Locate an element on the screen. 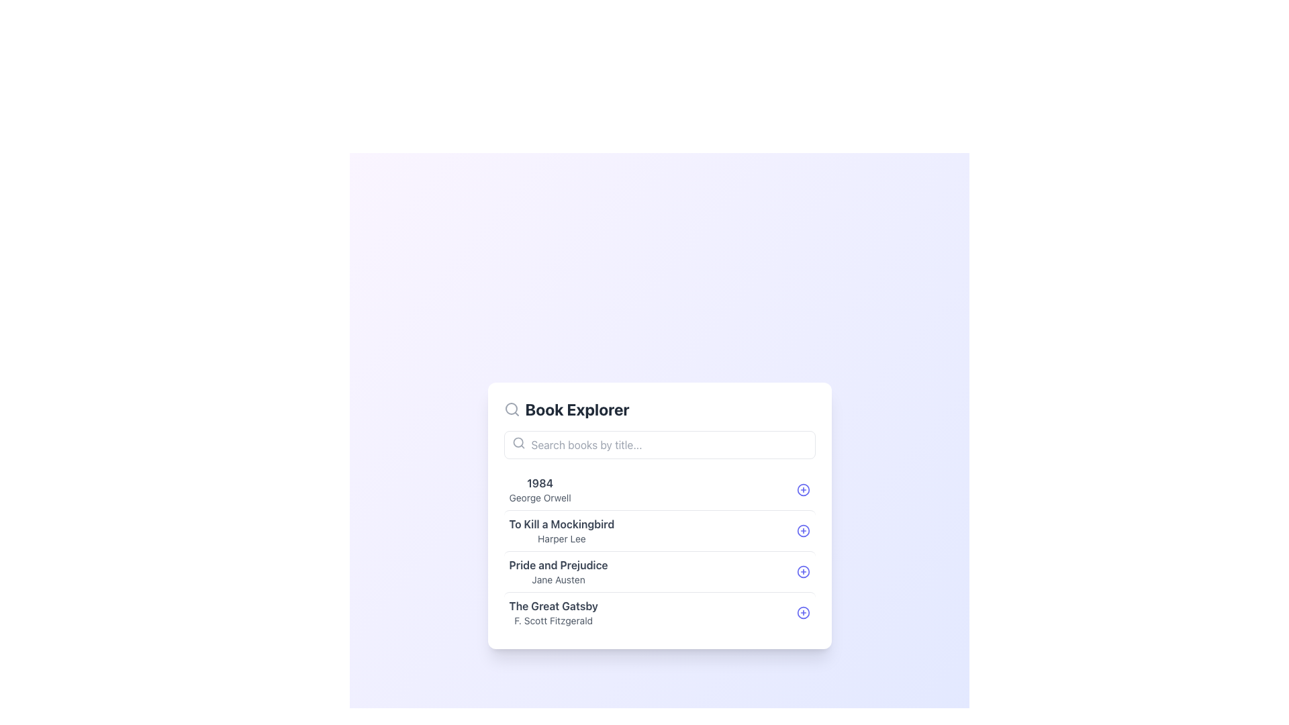  the text label displaying '1984' by George Orwell to interact with it is located at coordinates (540, 489).